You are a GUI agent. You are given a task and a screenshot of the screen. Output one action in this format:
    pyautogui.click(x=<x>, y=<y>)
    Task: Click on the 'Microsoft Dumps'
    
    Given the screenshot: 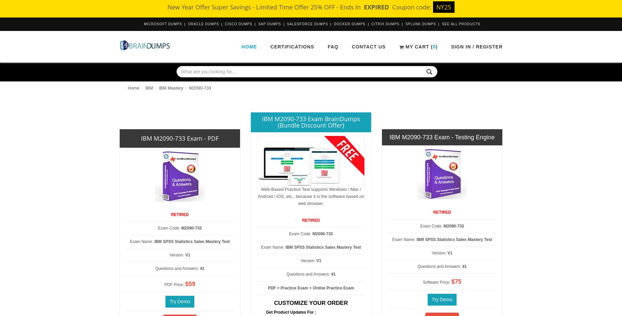 What is the action you would take?
    pyautogui.click(x=163, y=24)
    